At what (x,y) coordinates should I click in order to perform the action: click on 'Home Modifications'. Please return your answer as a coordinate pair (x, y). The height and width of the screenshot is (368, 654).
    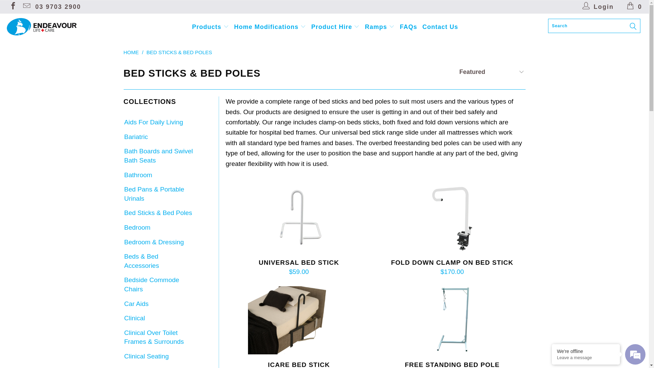
    Looking at the image, I should click on (269, 26).